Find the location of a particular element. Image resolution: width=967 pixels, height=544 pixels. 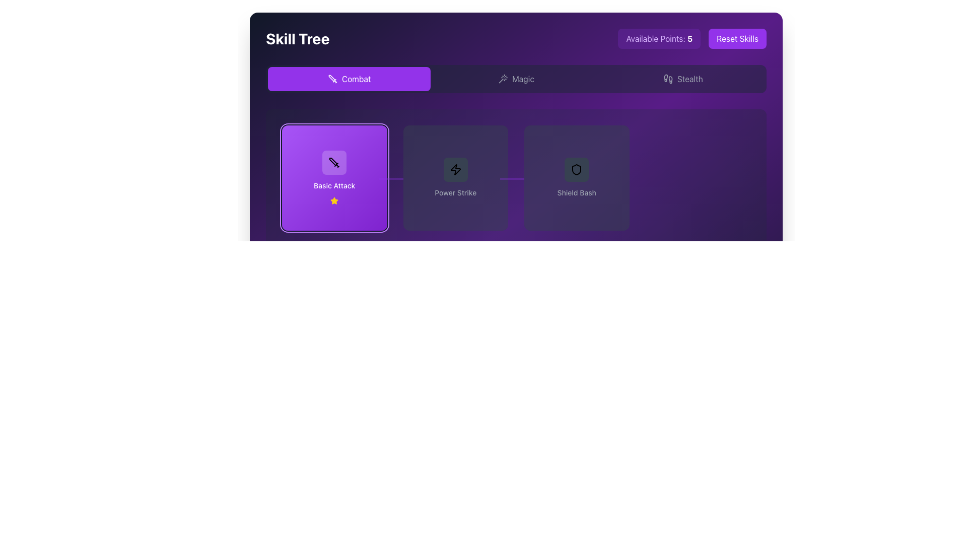

the text label representing the title of the currently selected skill specialization category in the navigation bar is located at coordinates (356, 79).